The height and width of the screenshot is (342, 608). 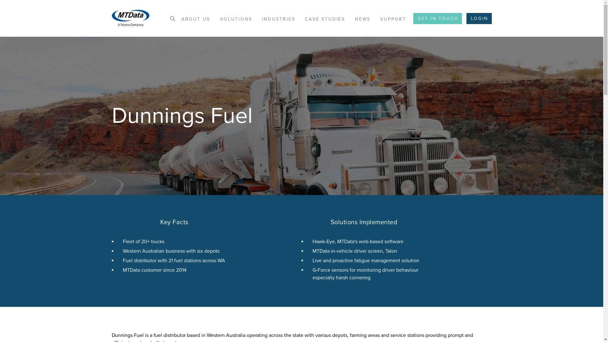 I want to click on 'ABOUT US', so click(x=195, y=19).